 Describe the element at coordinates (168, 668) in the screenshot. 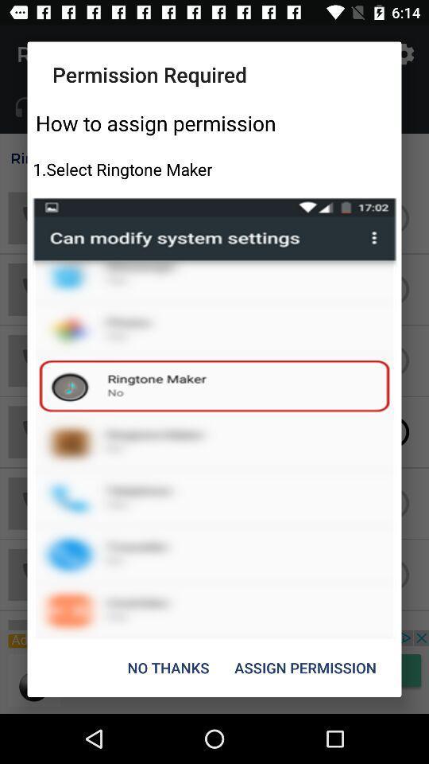

I see `icon next to the assign permission item` at that location.